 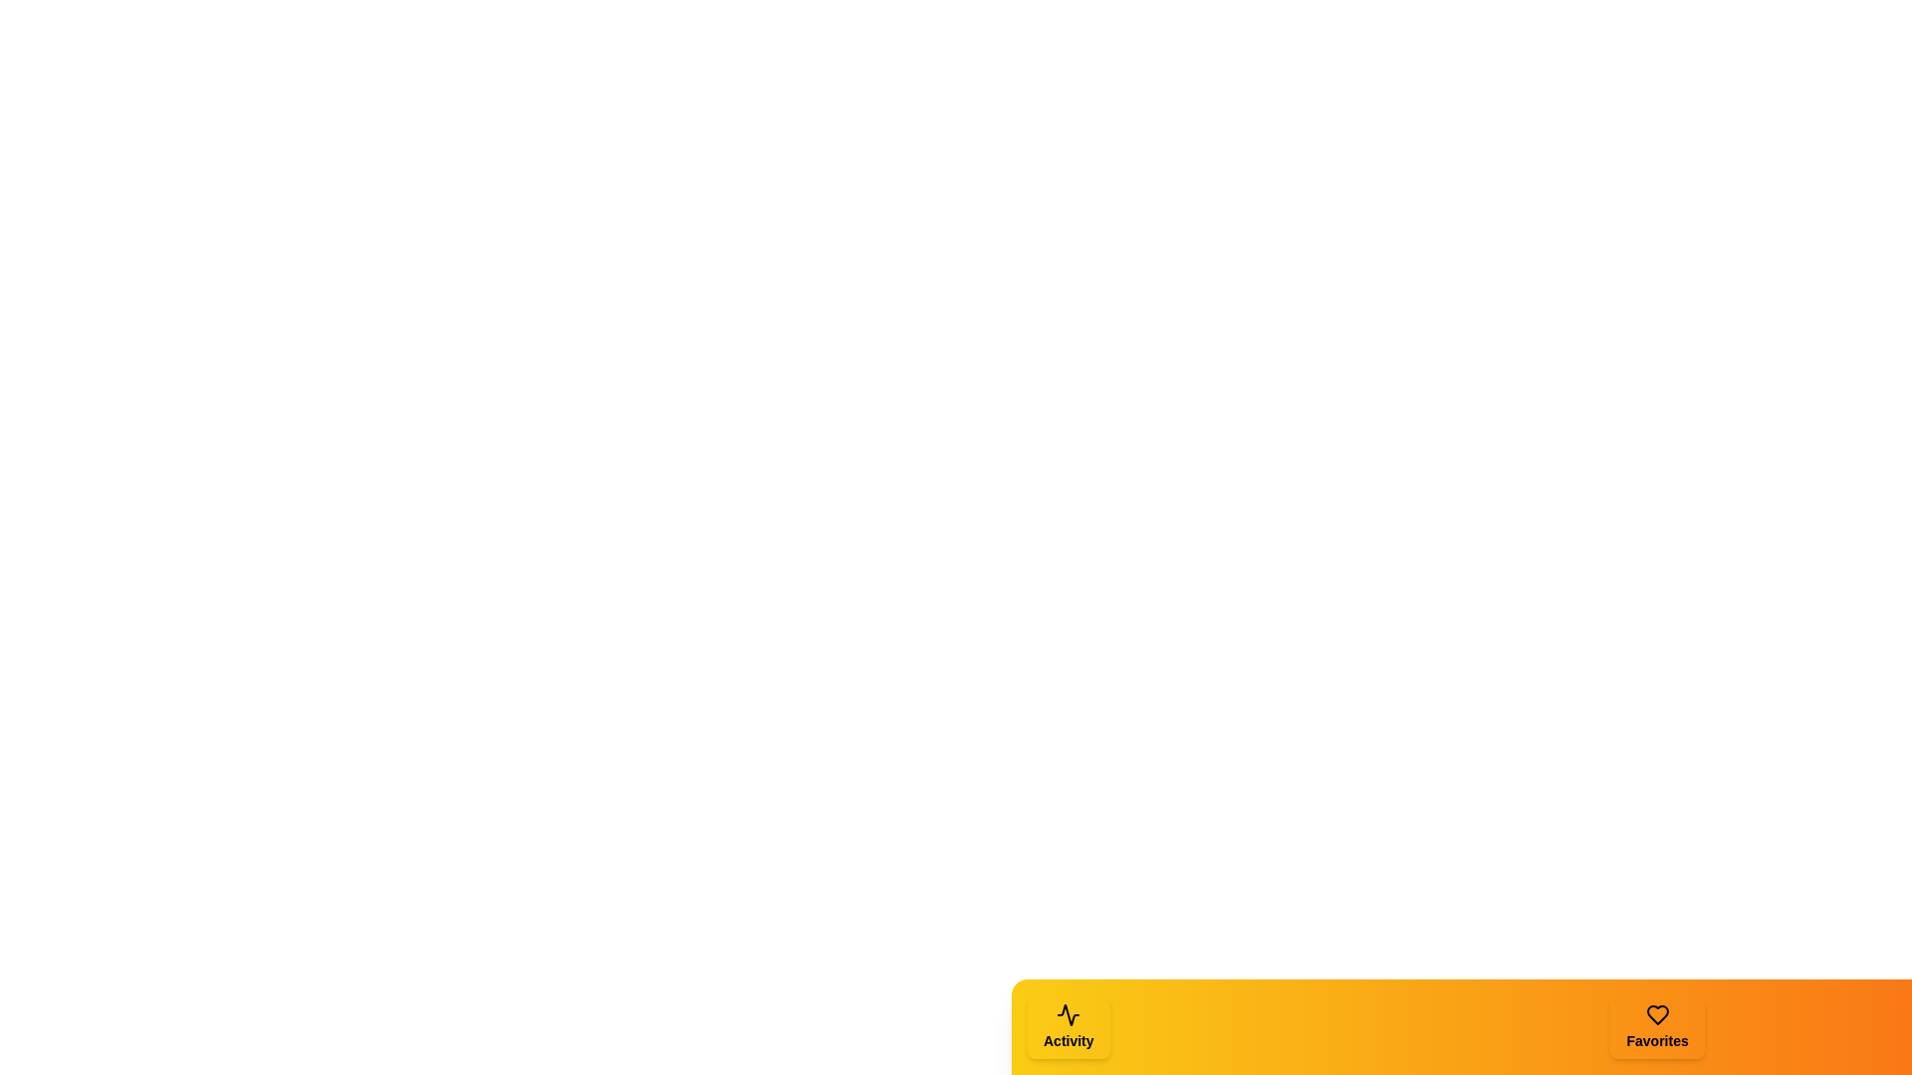 What do you see at coordinates (1068, 1027) in the screenshot?
I see `the tab corresponding to Activity` at bounding box center [1068, 1027].